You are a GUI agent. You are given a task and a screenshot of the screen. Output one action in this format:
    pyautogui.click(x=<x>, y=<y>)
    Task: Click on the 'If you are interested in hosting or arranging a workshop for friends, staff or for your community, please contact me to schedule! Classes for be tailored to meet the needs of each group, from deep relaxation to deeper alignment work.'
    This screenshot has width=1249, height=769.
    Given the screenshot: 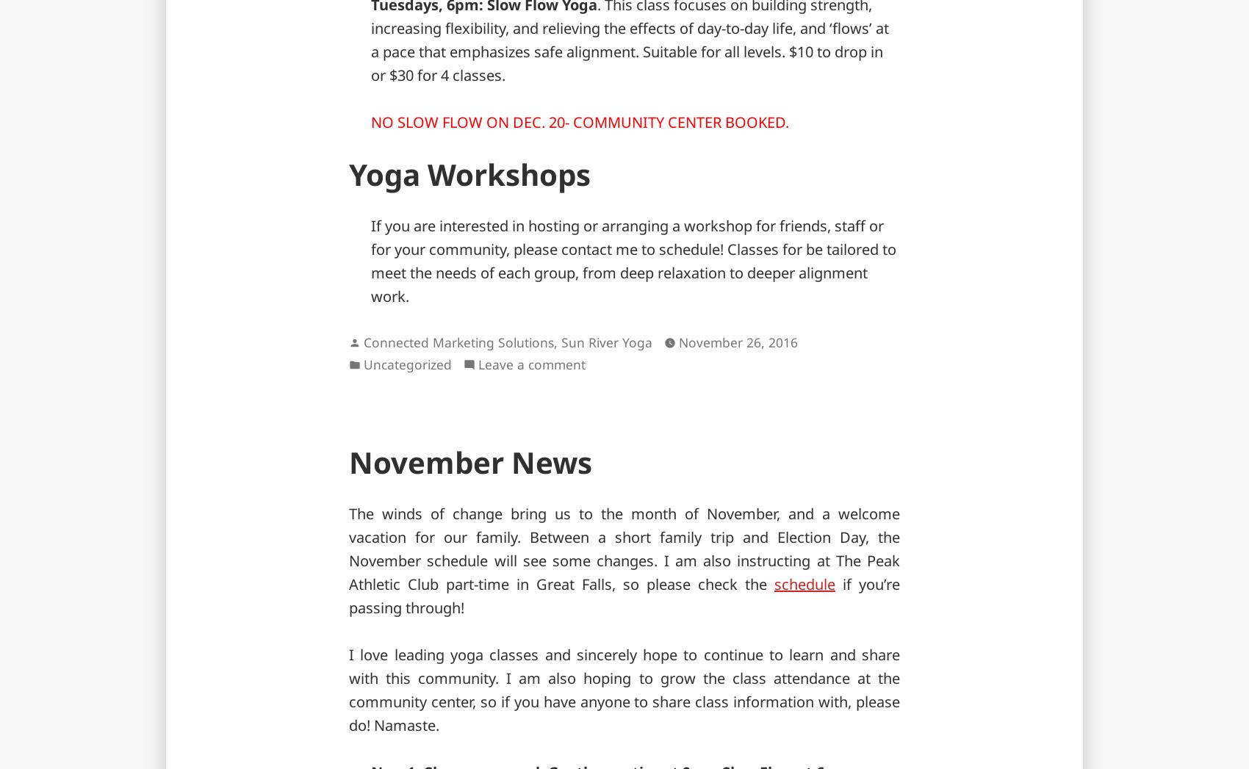 What is the action you would take?
    pyautogui.click(x=633, y=261)
    